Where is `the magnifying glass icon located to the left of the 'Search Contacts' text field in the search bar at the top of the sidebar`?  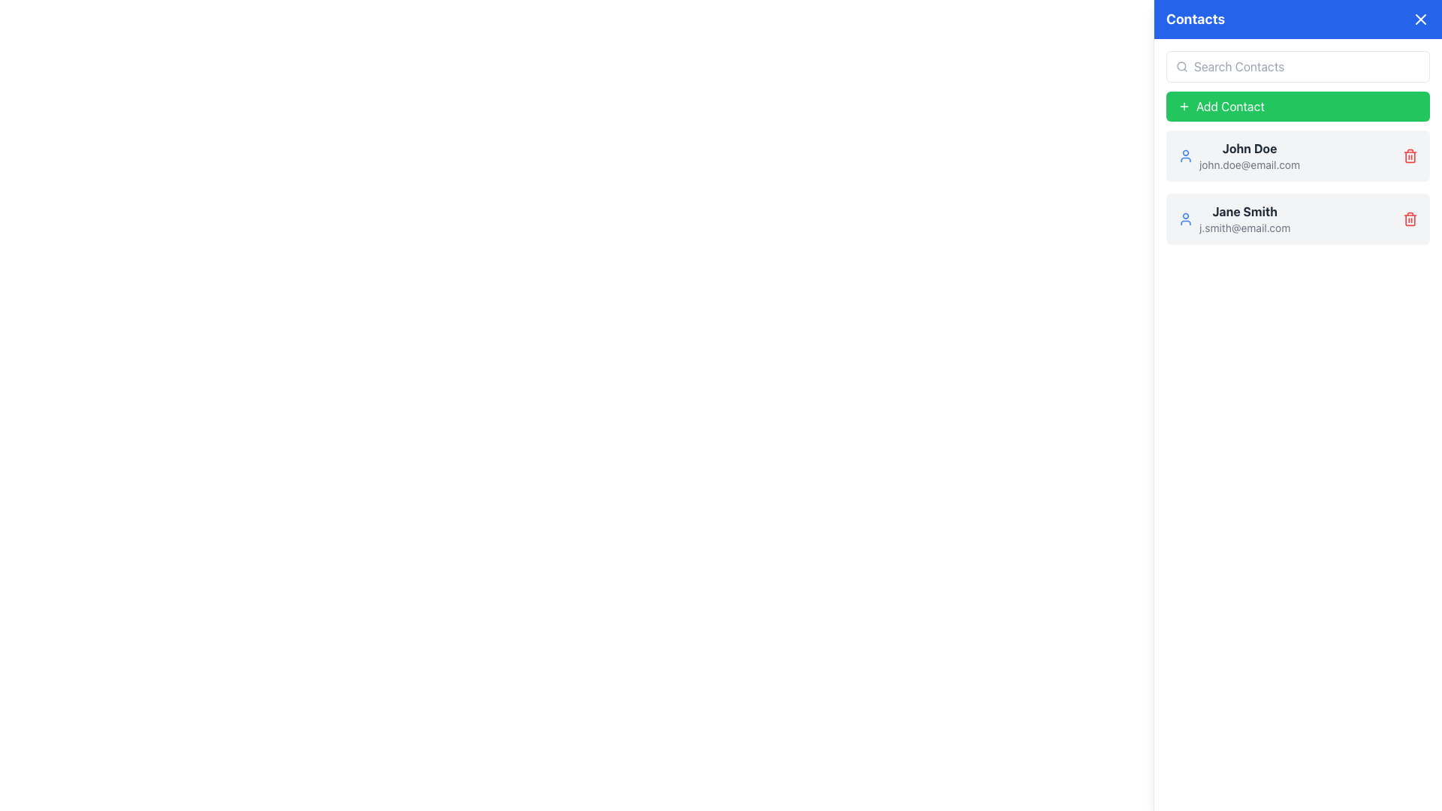 the magnifying glass icon located to the left of the 'Search Contacts' text field in the search bar at the top of the sidebar is located at coordinates (1181, 65).